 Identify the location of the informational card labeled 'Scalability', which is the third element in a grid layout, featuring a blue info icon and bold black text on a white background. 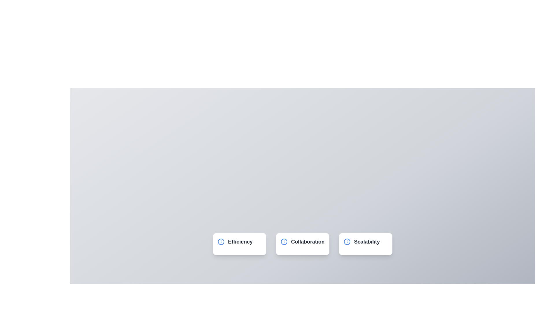
(365, 244).